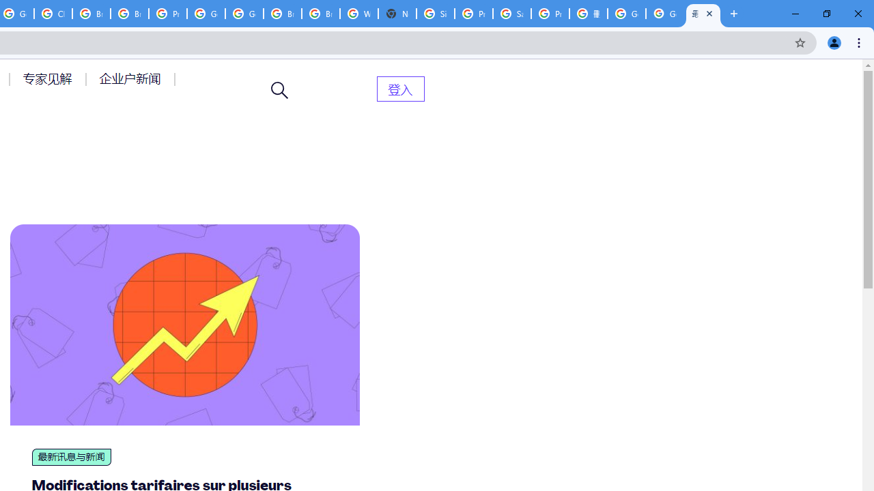 This screenshot has height=491, width=874. I want to click on 'Open search form', so click(279, 90).